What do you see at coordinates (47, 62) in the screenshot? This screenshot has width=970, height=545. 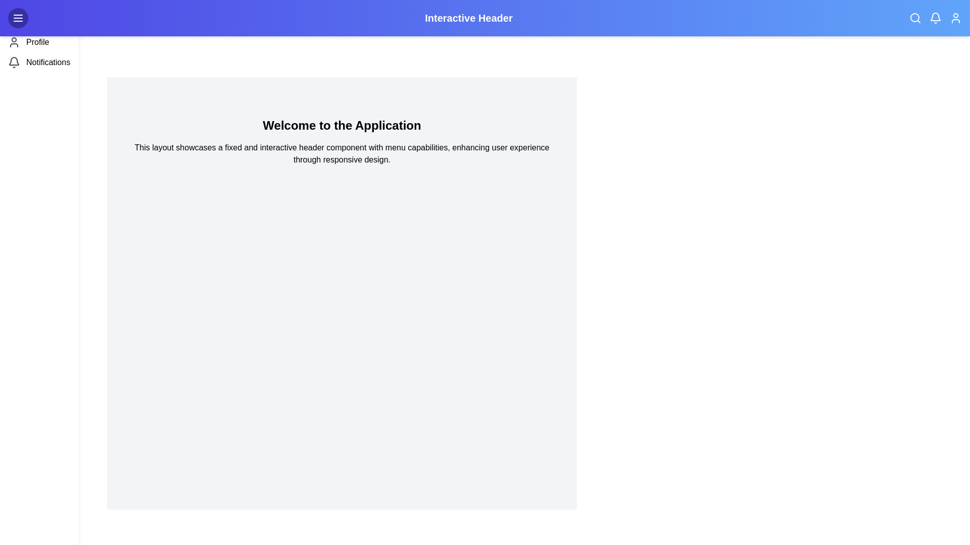 I see `the 'Notifications' text label, which is displayed in a plain font adjacent to a bell icon in the sidebar section` at bounding box center [47, 62].